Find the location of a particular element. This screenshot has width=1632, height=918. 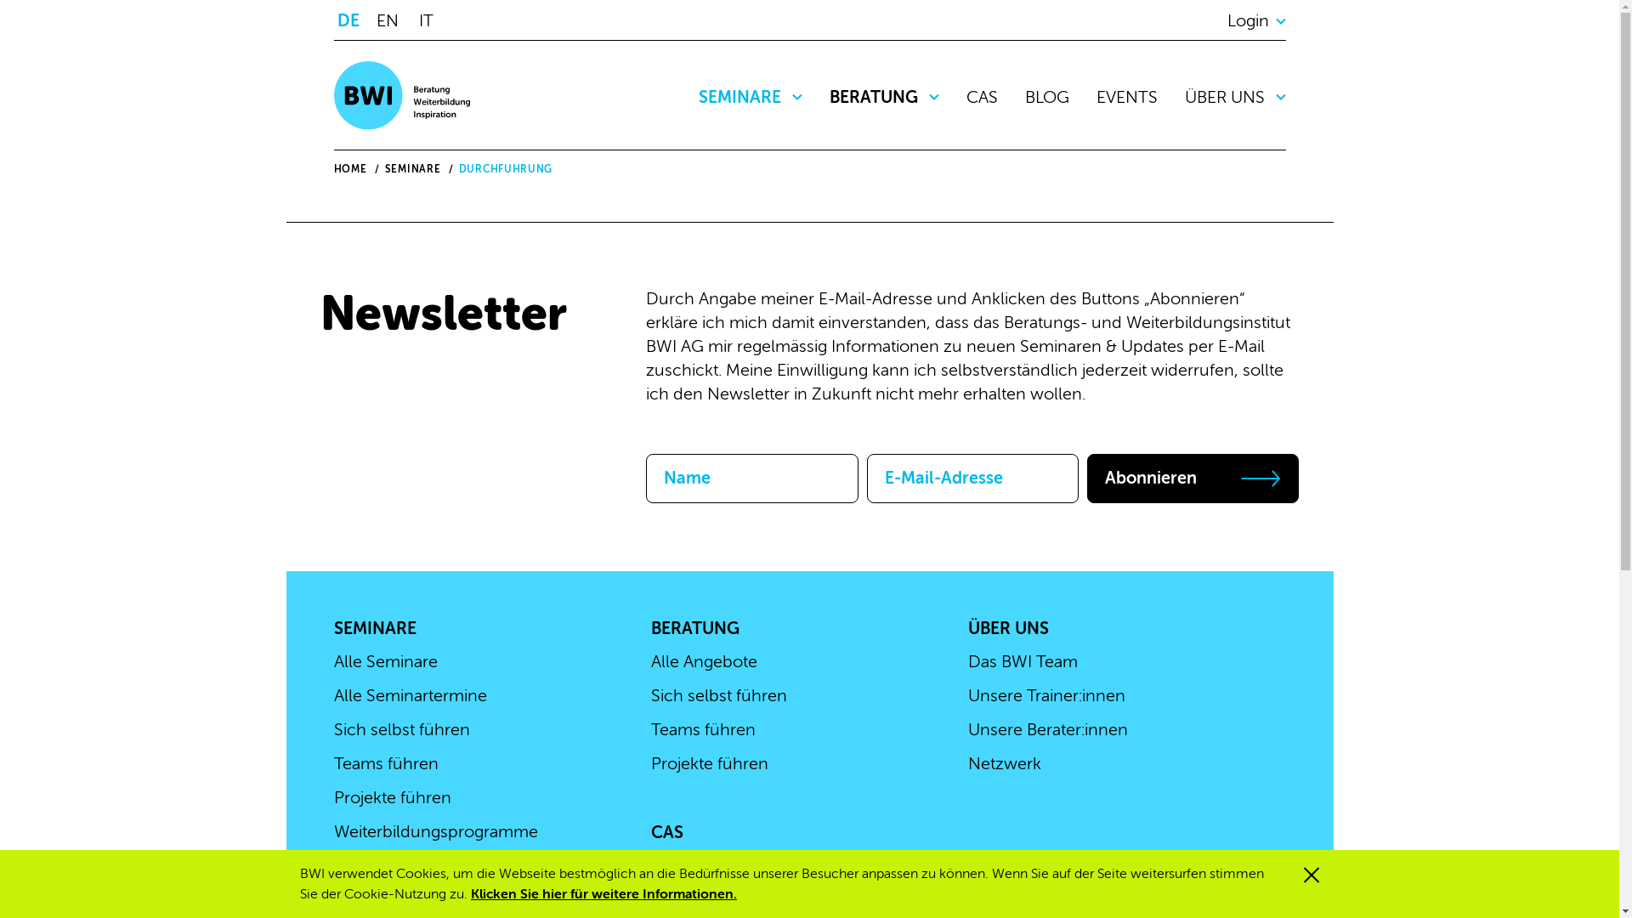

'HOME' is located at coordinates (333, 169).